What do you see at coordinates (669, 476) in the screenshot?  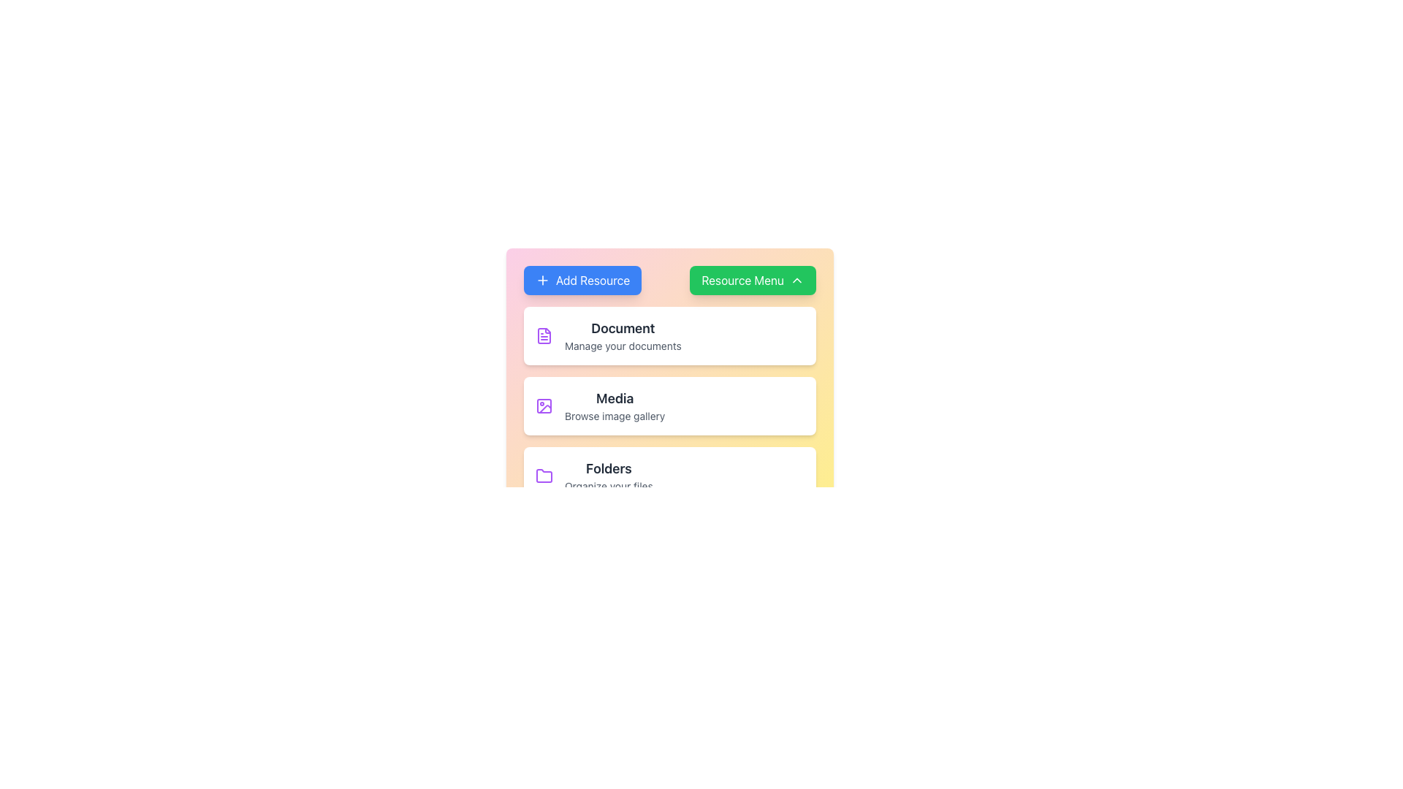 I see `the folder organization card, which is the third and bottom-most card in a vertical stack of three cards` at bounding box center [669, 476].